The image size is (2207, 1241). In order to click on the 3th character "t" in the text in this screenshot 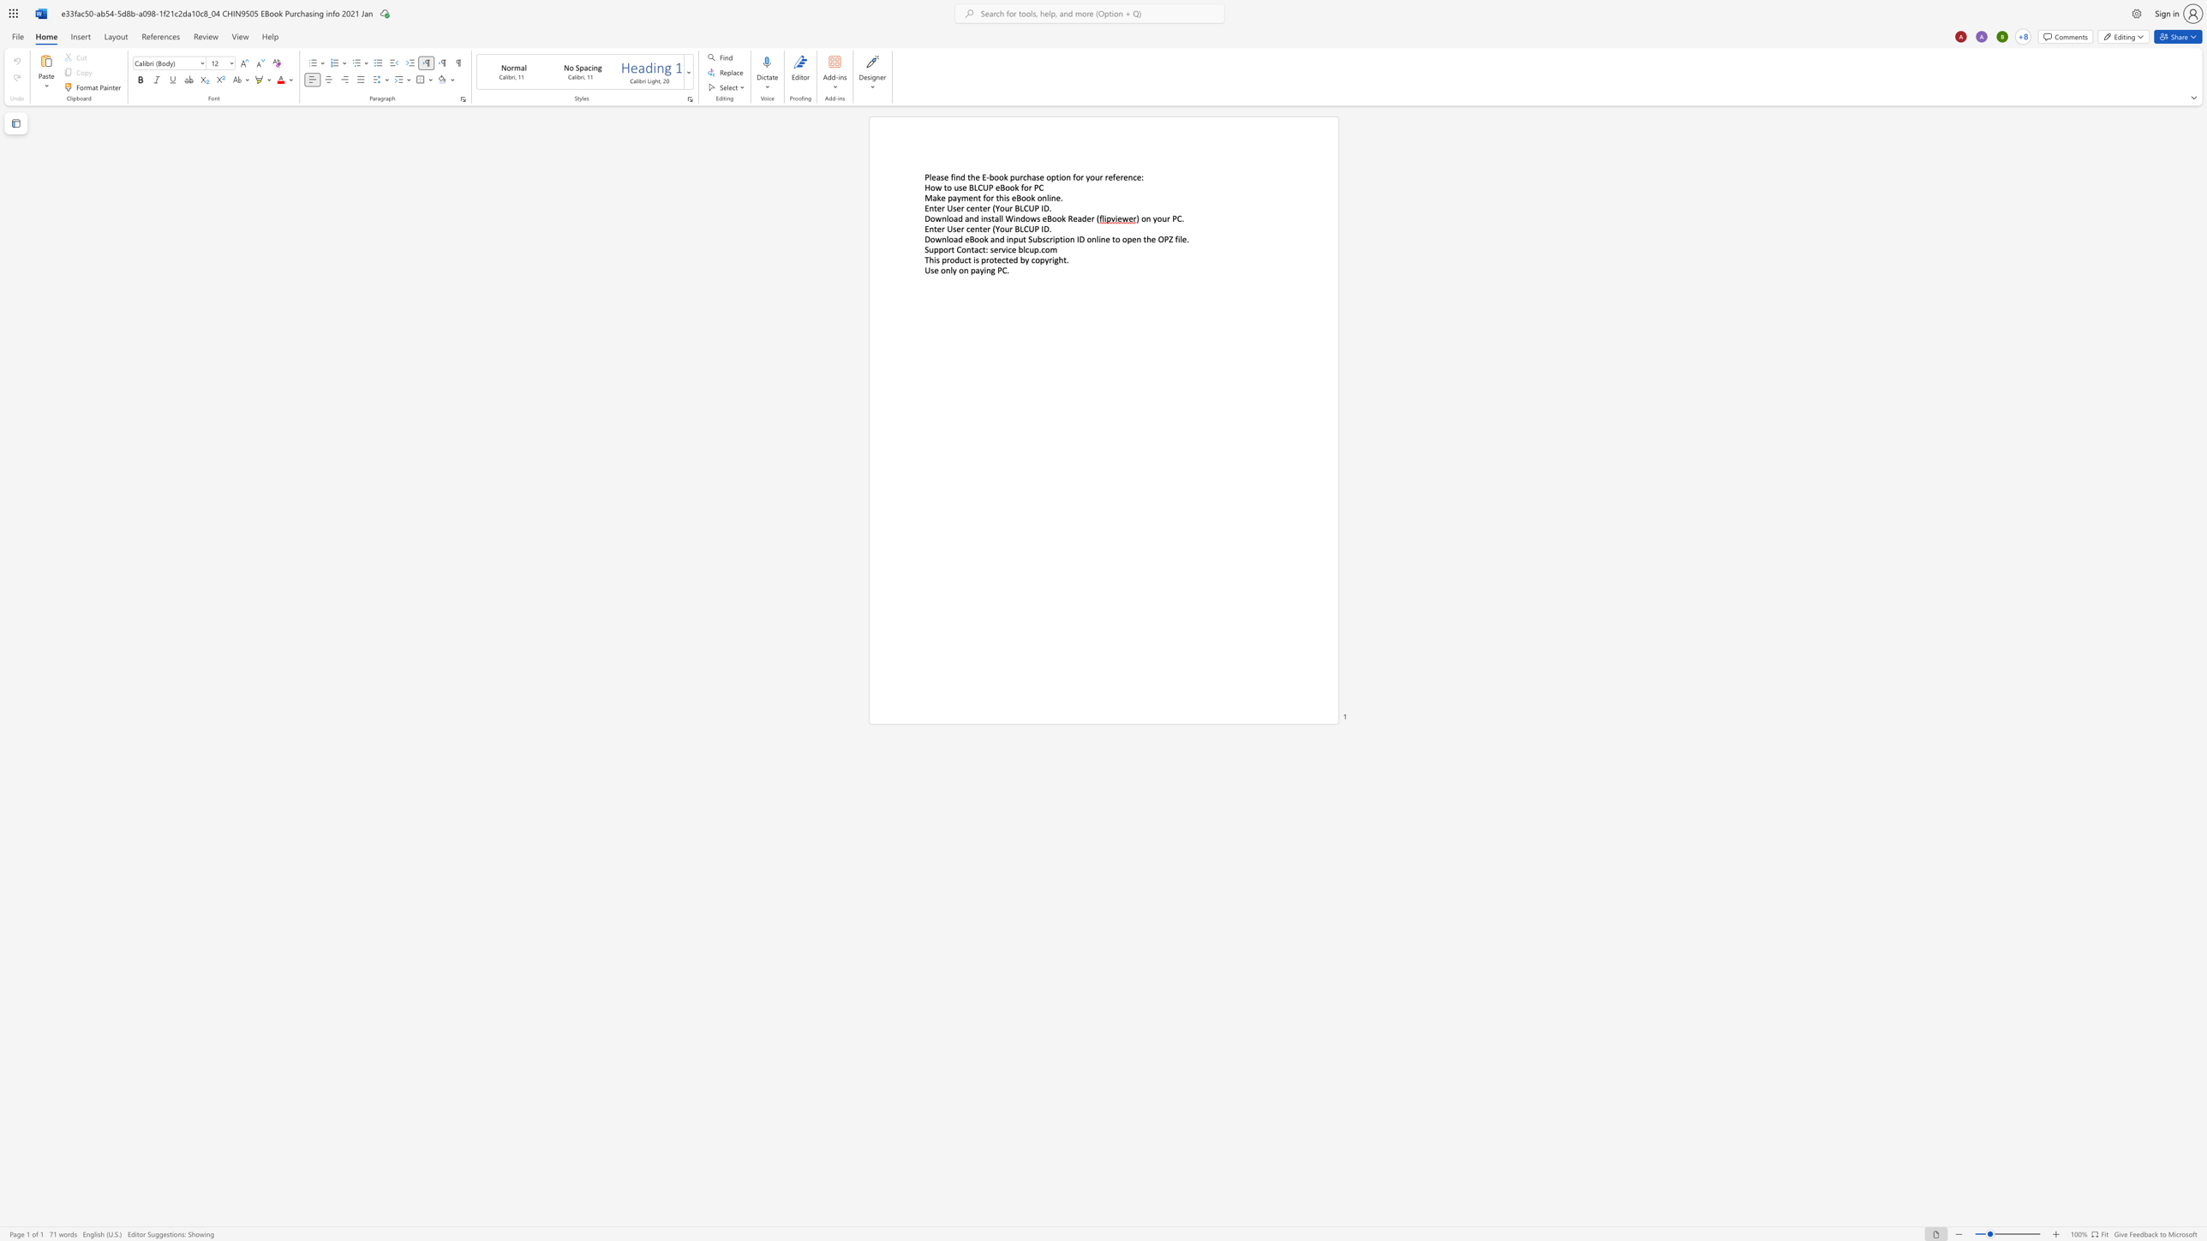, I will do `click(1114, 238)`.